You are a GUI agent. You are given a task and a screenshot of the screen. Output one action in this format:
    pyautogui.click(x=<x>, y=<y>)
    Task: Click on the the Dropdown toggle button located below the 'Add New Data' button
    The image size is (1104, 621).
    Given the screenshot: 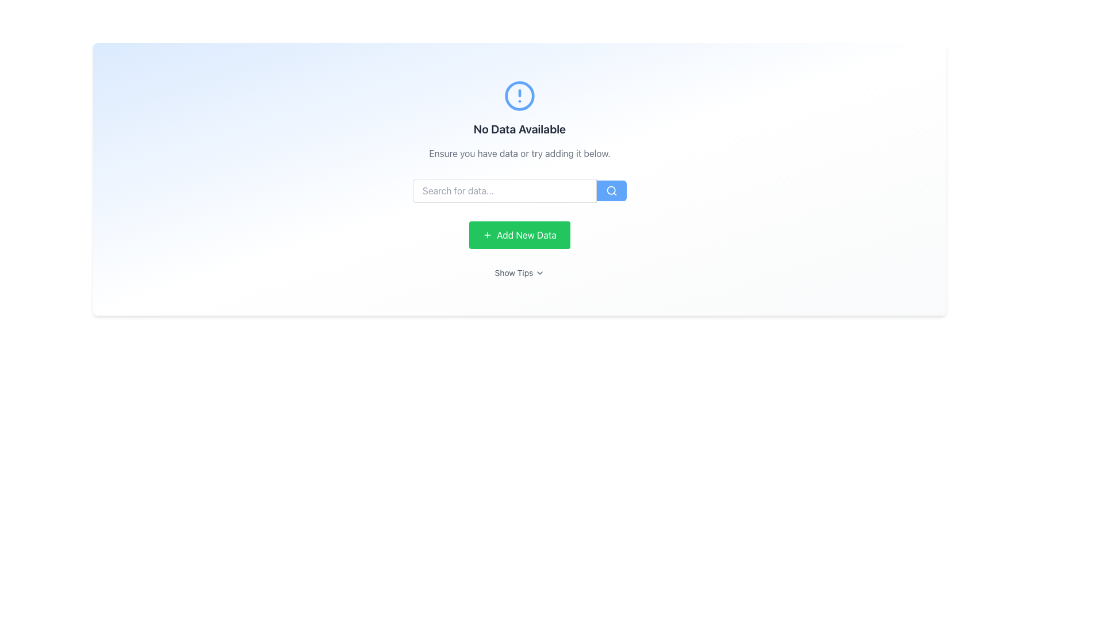 What is the action you would take?
    pyautogui.click(x=519, y=273)
    